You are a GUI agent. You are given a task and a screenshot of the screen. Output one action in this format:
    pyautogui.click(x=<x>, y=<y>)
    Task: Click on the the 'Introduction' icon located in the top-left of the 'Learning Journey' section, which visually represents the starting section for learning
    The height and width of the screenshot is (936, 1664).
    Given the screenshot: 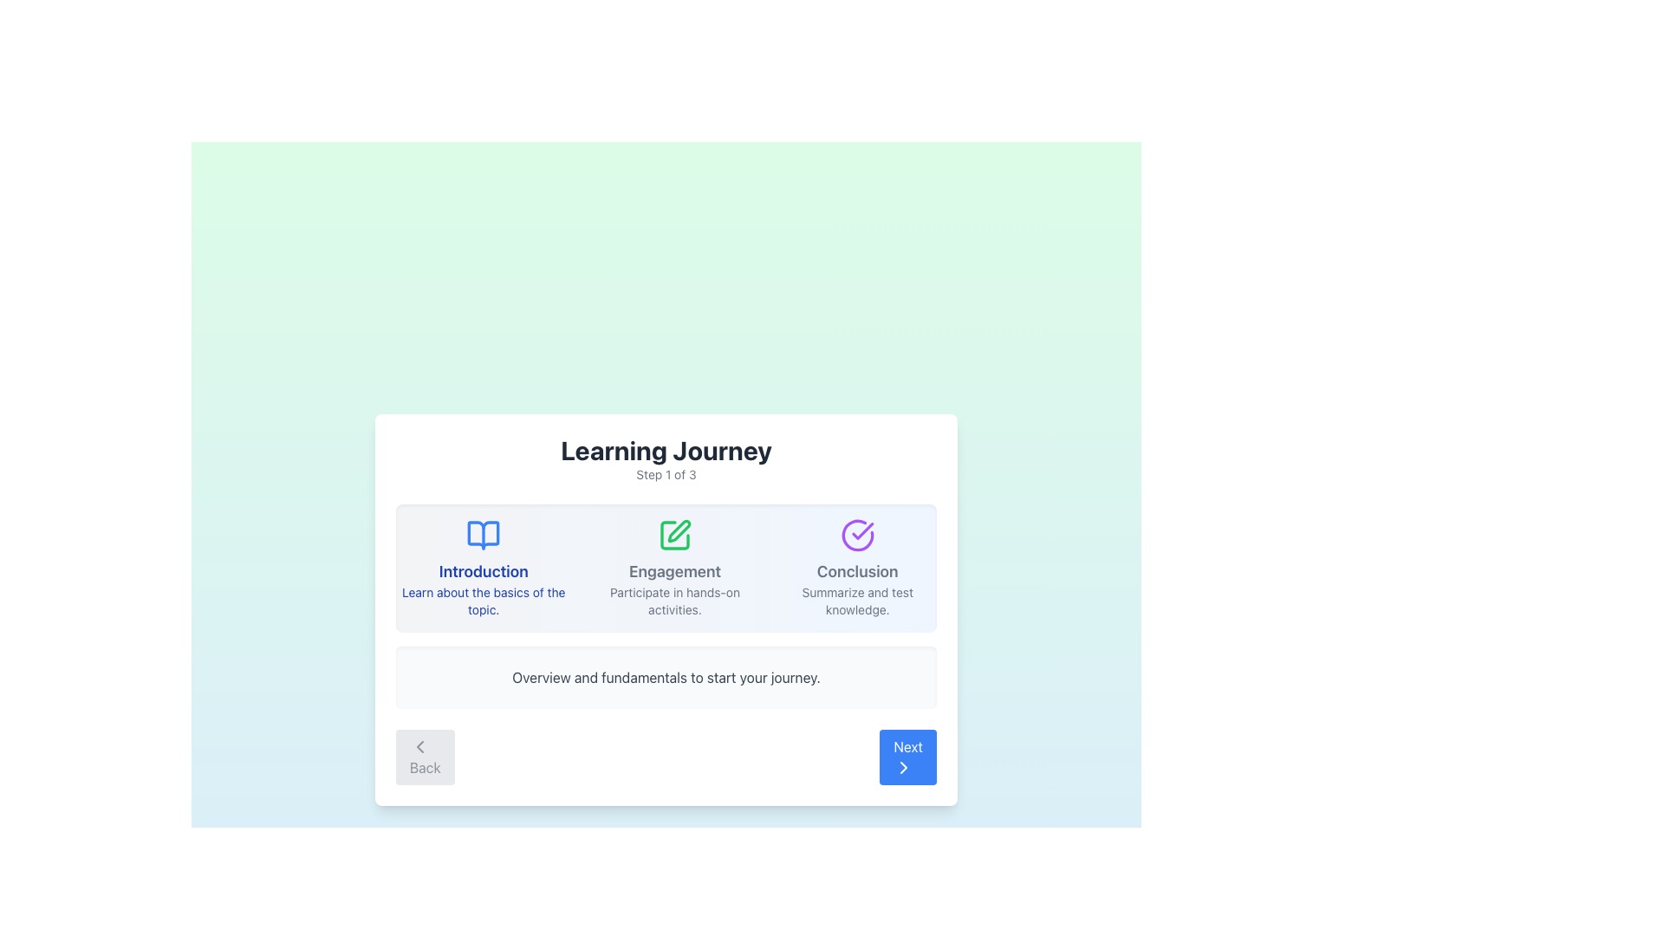 What is the action you would take?
    pyautogui.click(x=484, y=534)
    